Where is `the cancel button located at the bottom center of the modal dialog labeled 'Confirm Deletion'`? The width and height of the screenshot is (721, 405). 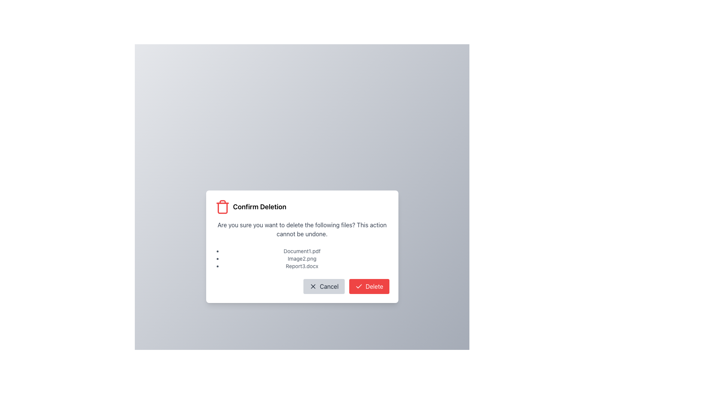
the cancel button located at the bottom center of the modal dialog labeled 'Confirm Deletion' is located at coordinates (324, 286).